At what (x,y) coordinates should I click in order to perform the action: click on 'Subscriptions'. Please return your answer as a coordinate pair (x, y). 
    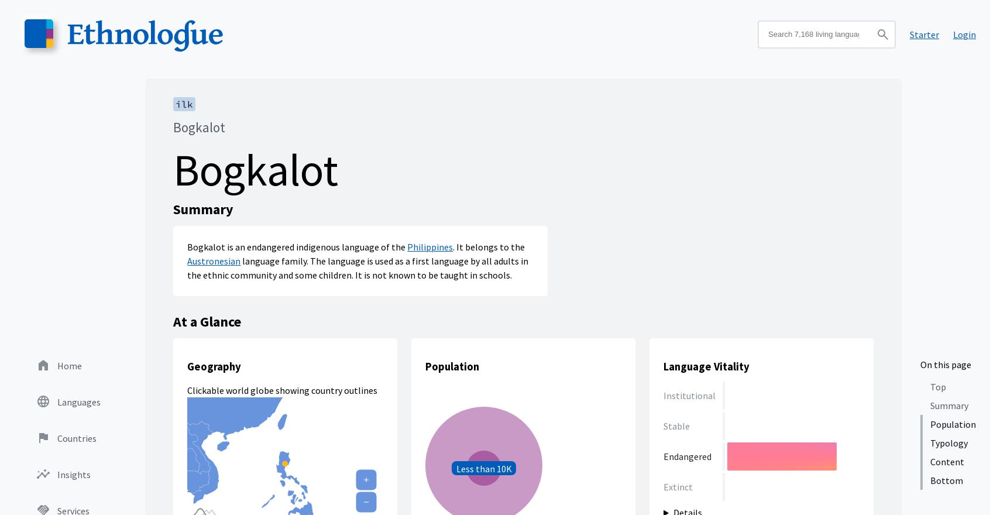
    Looking at the image, I should click on (84, 201).